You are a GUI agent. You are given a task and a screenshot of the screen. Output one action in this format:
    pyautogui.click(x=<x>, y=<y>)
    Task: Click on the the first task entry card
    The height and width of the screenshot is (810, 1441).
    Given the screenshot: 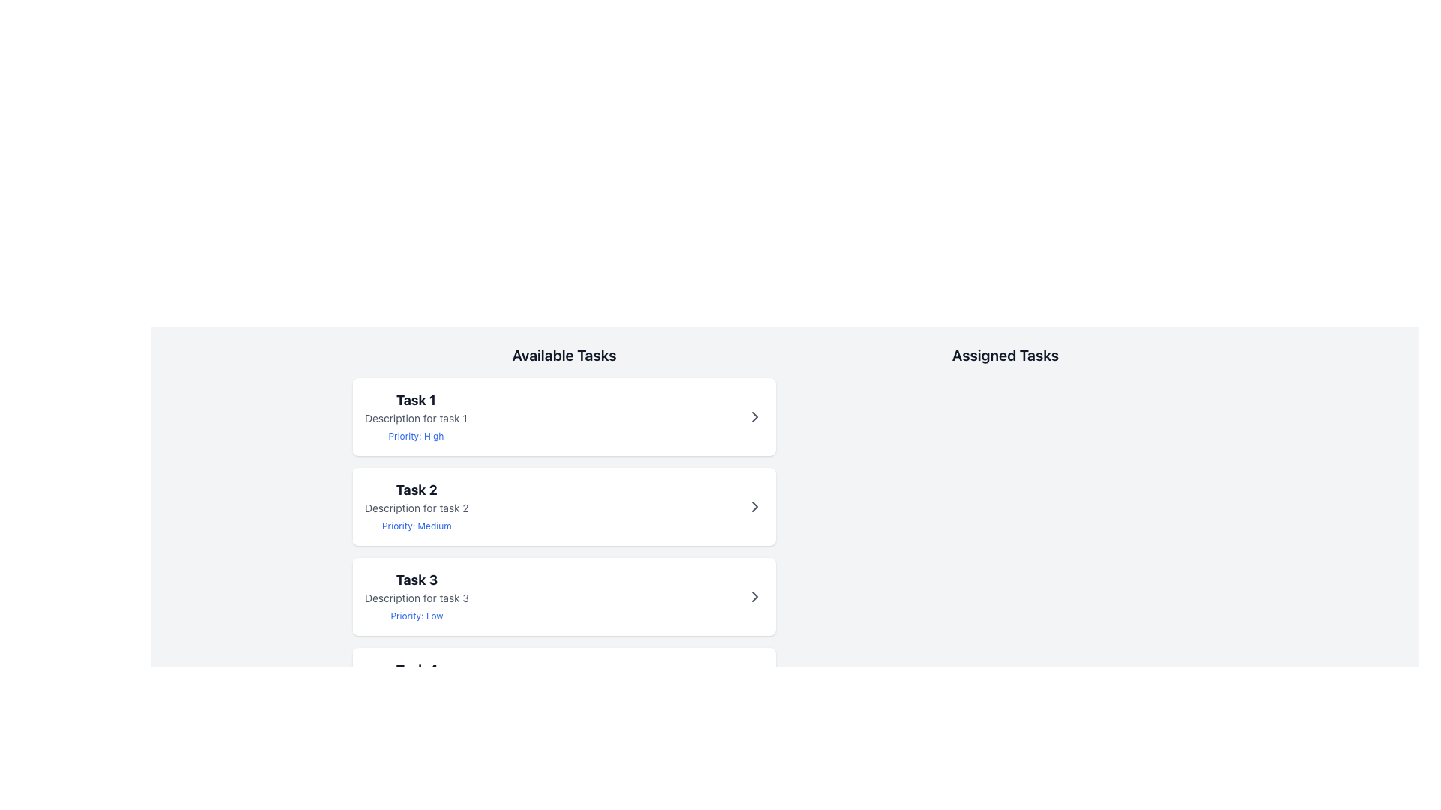 What is the action you would take?
    pyautogui.click(x=564, y=416)
    